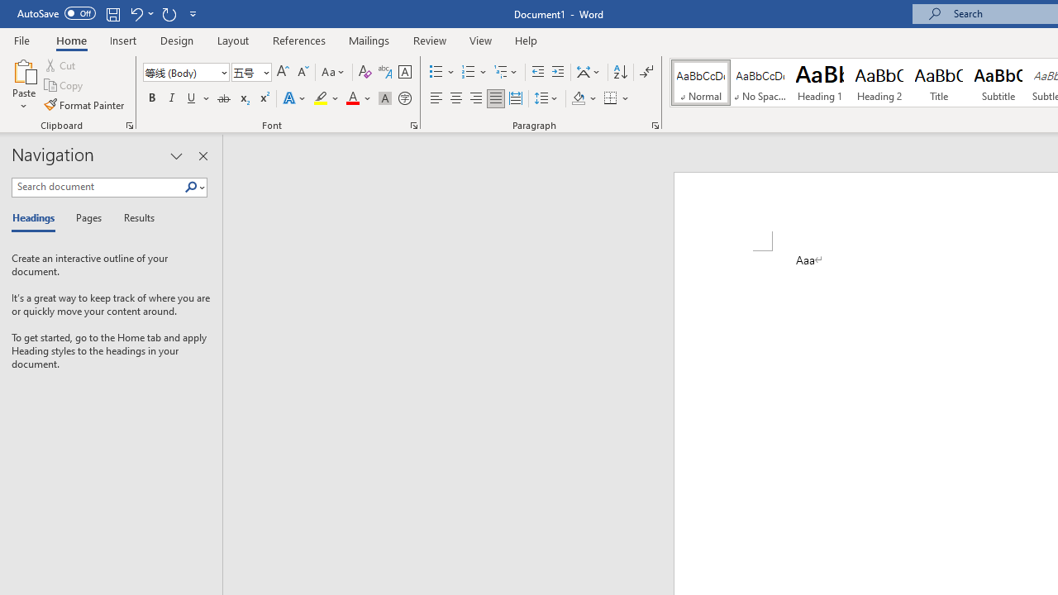  Describe the element at coordinates (475, 98) in the screenshot. I see `'Align Right'` at that location.